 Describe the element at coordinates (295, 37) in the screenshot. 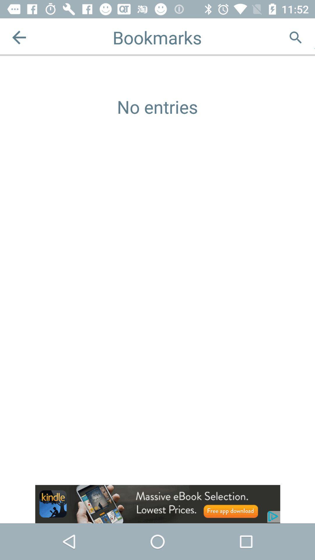

I see `search icon` at that location.